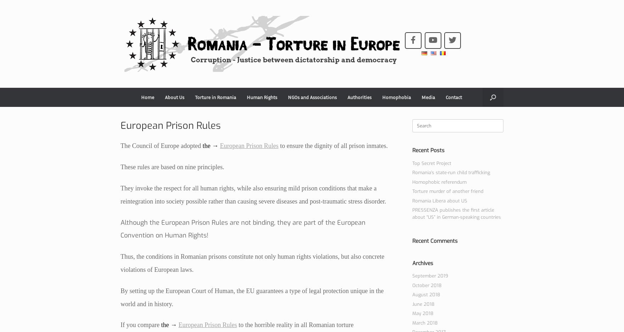 This screenshot has width=624, height=332. Describe the element at coordinates (377, 114) in the screenshot. I see `'German Embassy Bucharest'` at that location.